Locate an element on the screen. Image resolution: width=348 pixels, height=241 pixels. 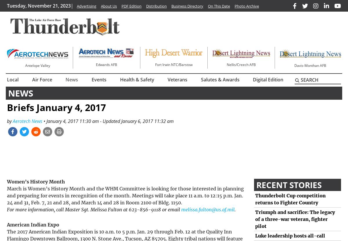
'Air Force' is located at coordinates (42, 79).